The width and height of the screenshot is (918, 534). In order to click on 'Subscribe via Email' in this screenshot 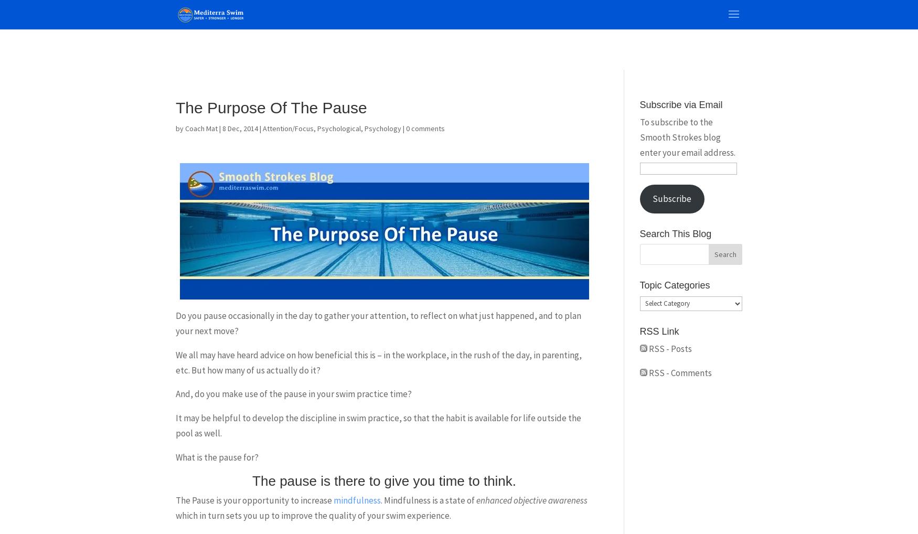, I will do `click(680, 105)`.